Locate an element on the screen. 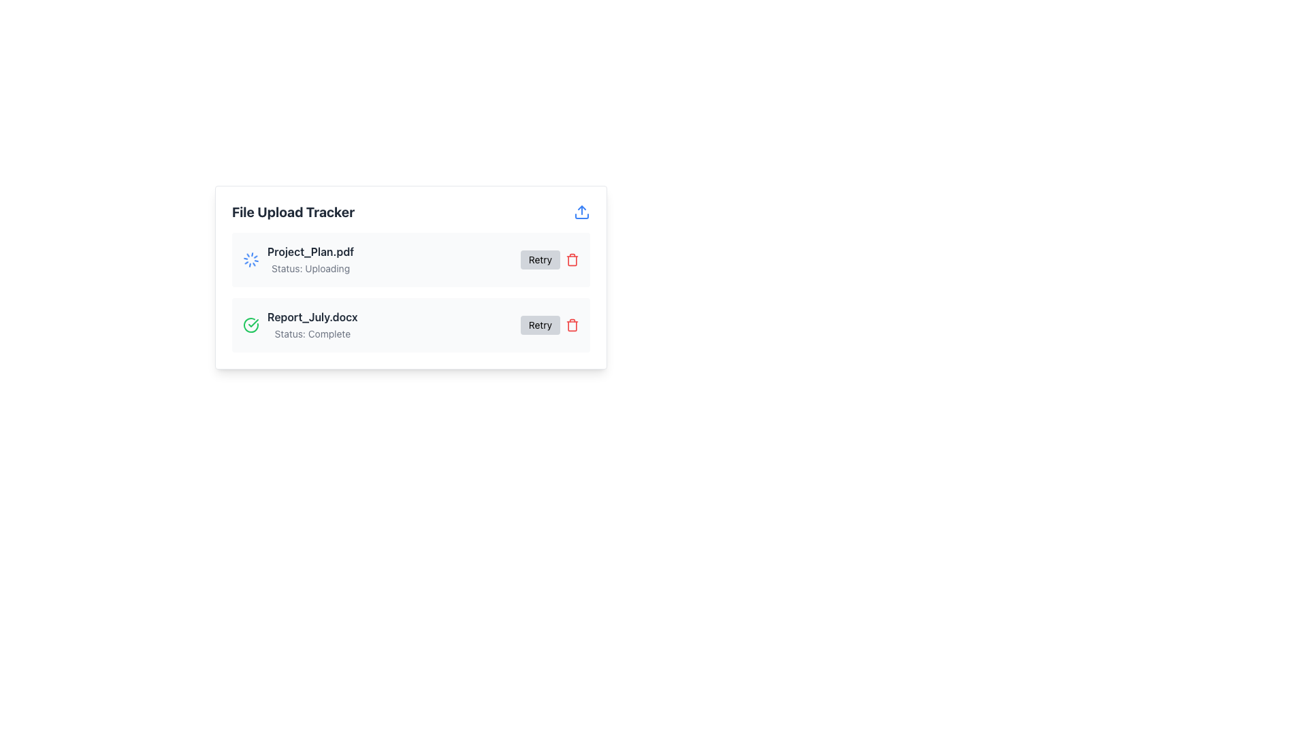 This screenshot has width=1307, height=735. the text label displaying the file name 'Report_July.docx' in the 'File Upload Tracker' section, located to the left of the 'Retry' button is located at coordinates (312, 317).